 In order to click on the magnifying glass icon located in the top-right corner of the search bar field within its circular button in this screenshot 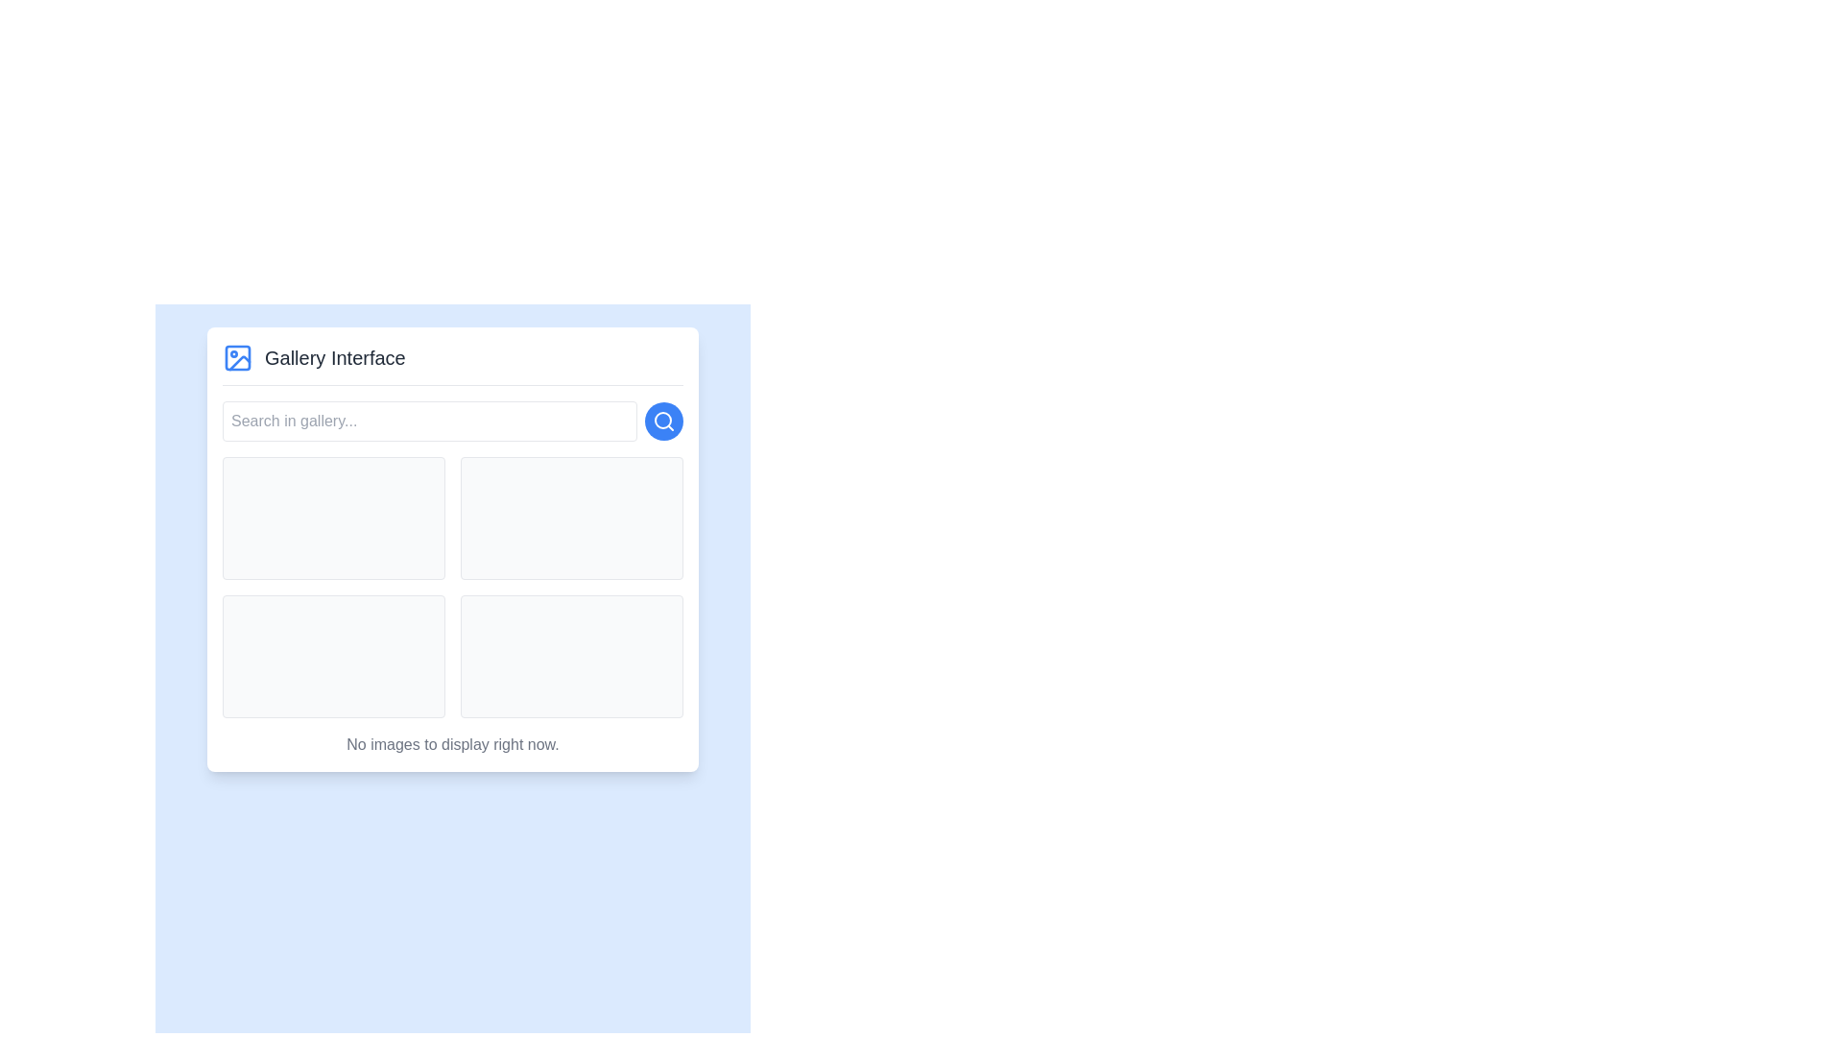, I will do `click(663, 421)`.